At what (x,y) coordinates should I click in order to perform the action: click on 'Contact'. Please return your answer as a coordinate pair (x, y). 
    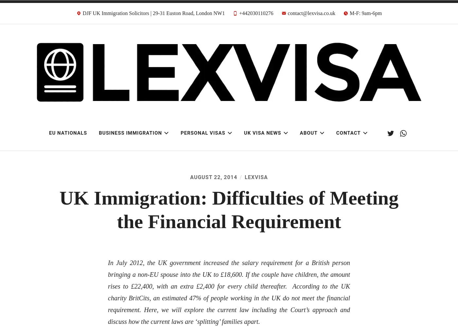
    Looking at the image, I should click on (336, 133).